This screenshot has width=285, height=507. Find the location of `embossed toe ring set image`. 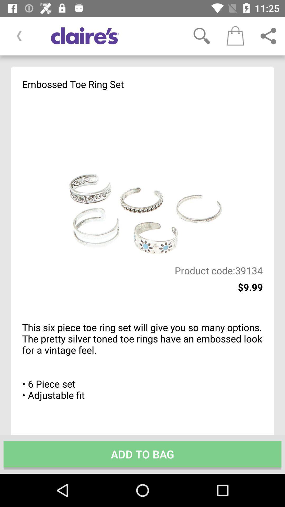

embossed toe ring set image is located at coordinates (142, 177).